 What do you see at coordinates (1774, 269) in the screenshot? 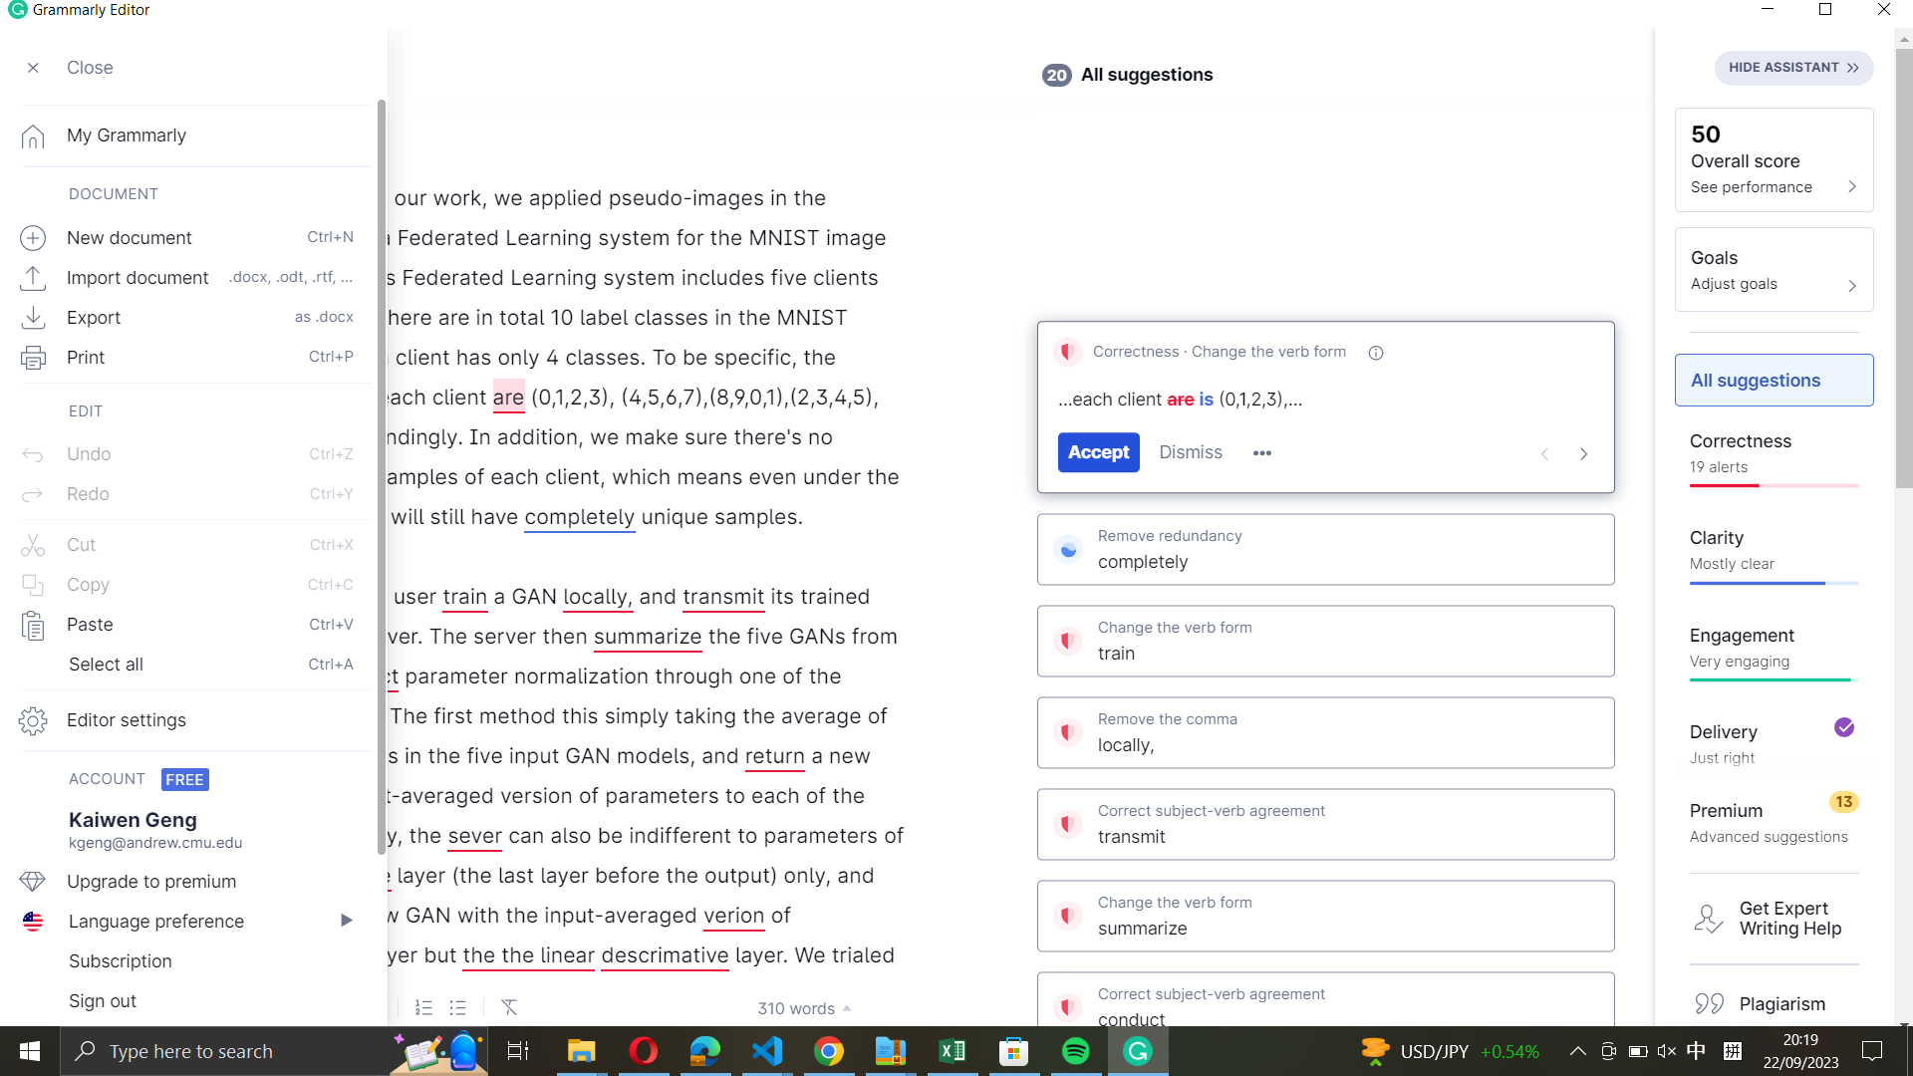
I see `Widen the aims part` at bounding box center [1774, 269].